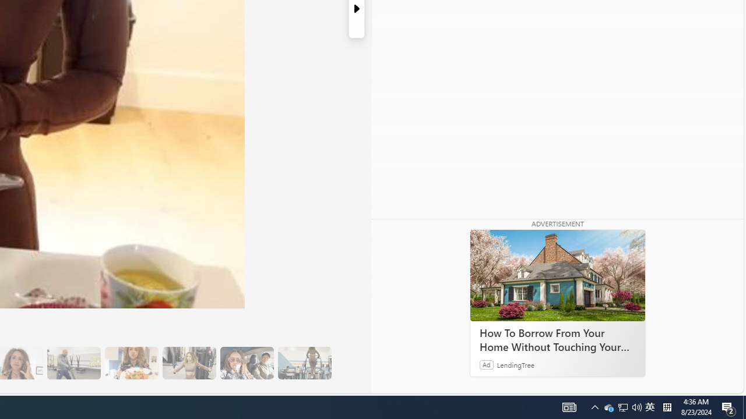 This screenshot has width=746, height=419. What do you see at coordinates (515, 364) in the screenshot?
I see `'LendingTree'` at bounding box center [515, 364].